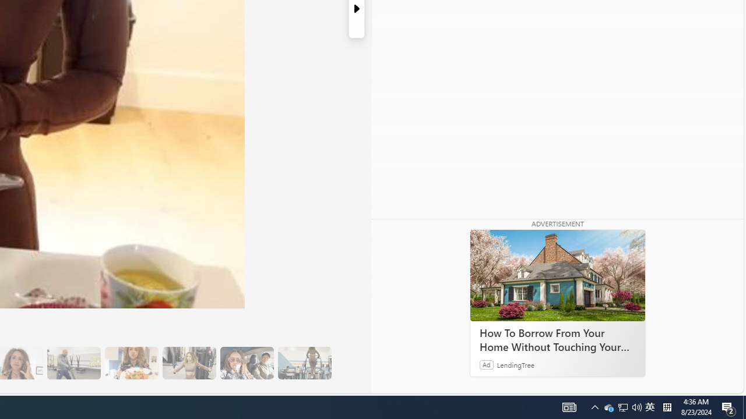 This screenshot has width=746, height=419. What do you see at coordinates (515, 364) in the screenshot?
I see `'LendingTree'` at bounding box center [515, 364].